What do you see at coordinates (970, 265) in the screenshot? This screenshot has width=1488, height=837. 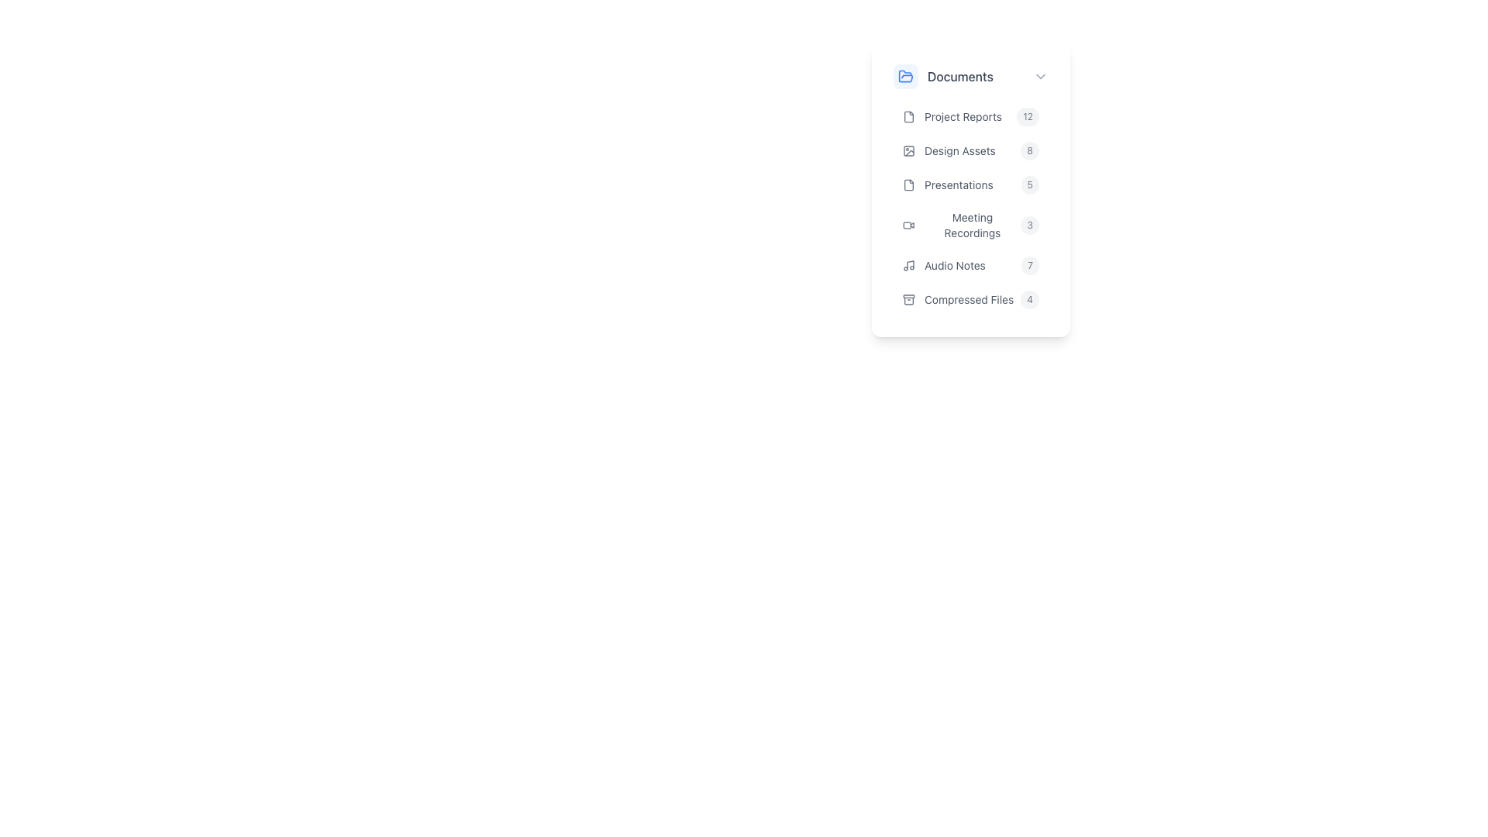 I see `the fifth list item in the 'Documents' sidebar menu, which has a light gray background, contains a musical note icon, the text 'Audio Notes', and the number '7' in a rounded rectangle` at bounding box center [970, 265].